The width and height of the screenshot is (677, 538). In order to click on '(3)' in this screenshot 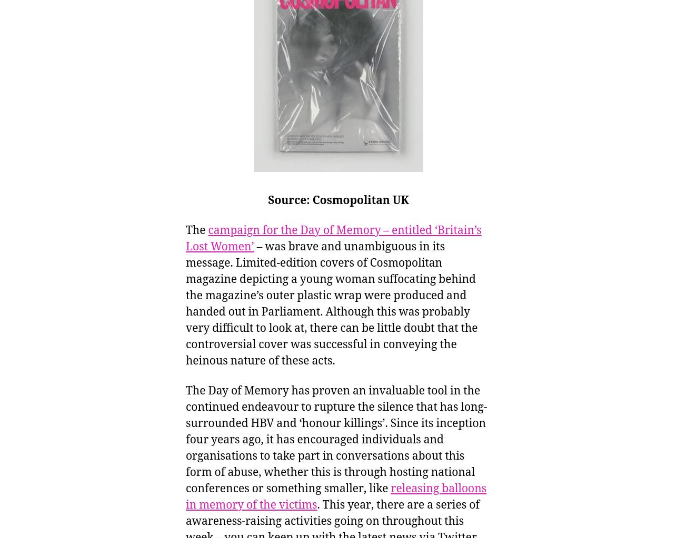, I will do `click(160, 24)`.